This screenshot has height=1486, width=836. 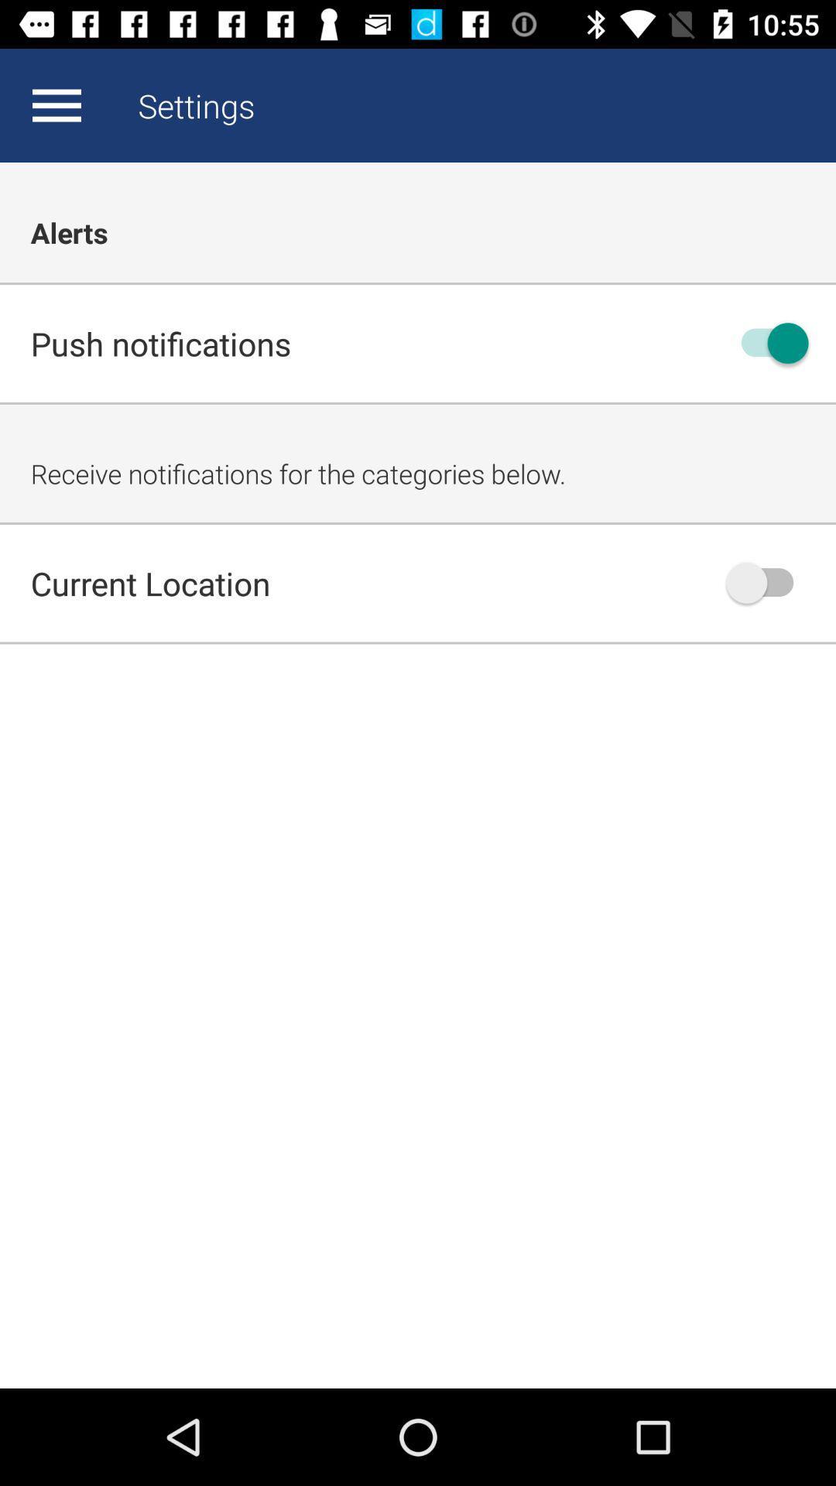 What do you see at coordinates (56, 104) in the screenshot?
I see `item to the left of settings` at bounding box center [56, 104].